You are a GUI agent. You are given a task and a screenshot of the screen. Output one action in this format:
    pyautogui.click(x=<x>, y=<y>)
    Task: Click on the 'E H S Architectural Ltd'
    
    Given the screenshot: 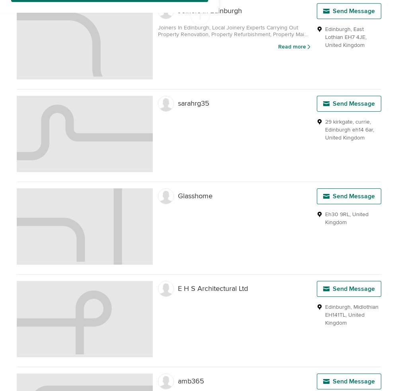 What is the action you would take?
    pyautogui.click(x=213, y=288)
    